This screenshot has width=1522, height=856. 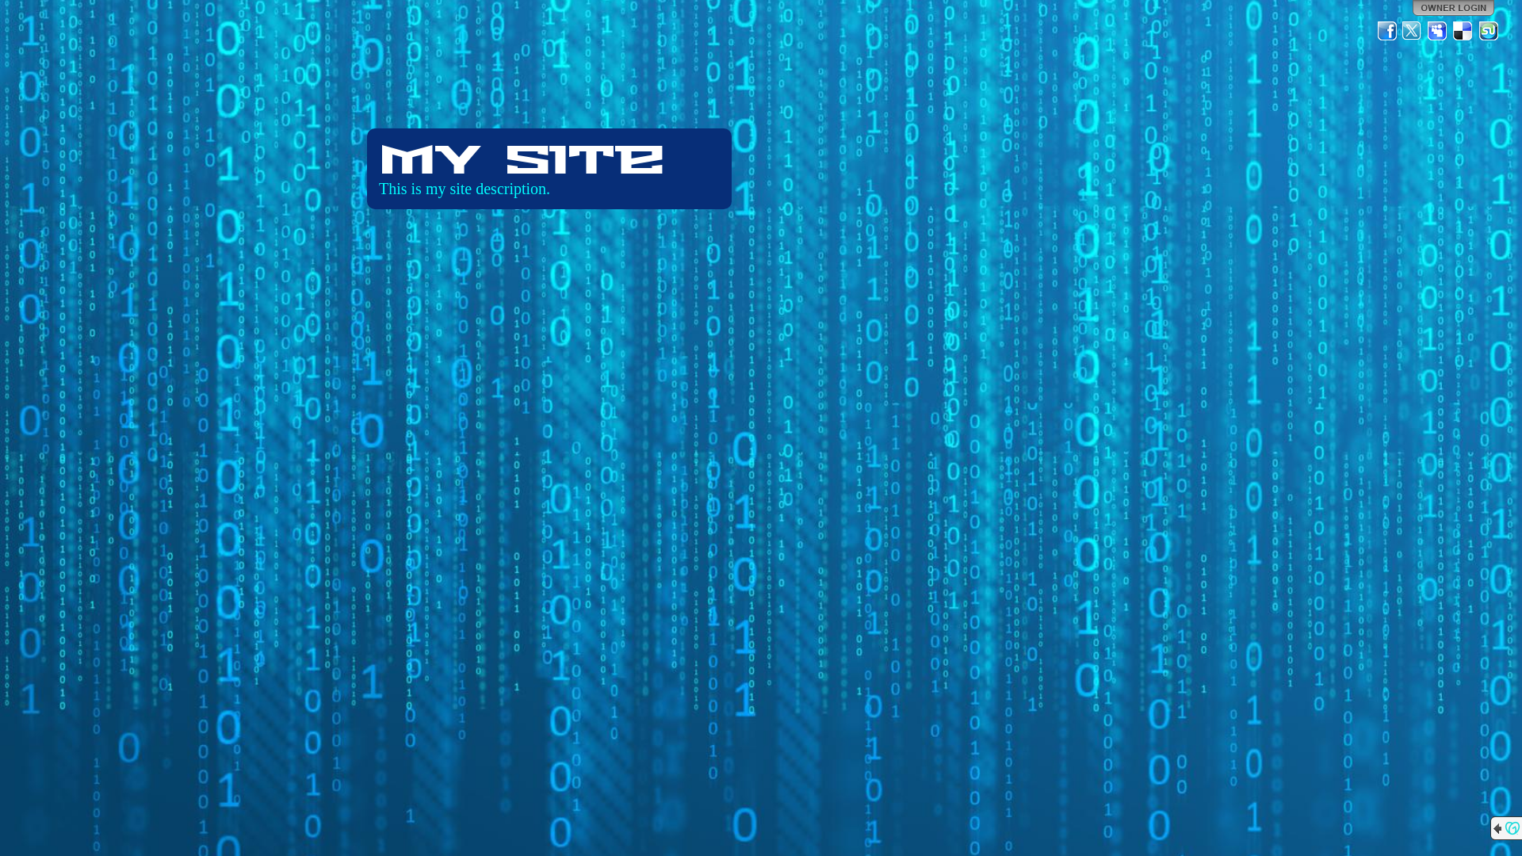 I want to click on 'MySpace', so click(x=1438, y=30).